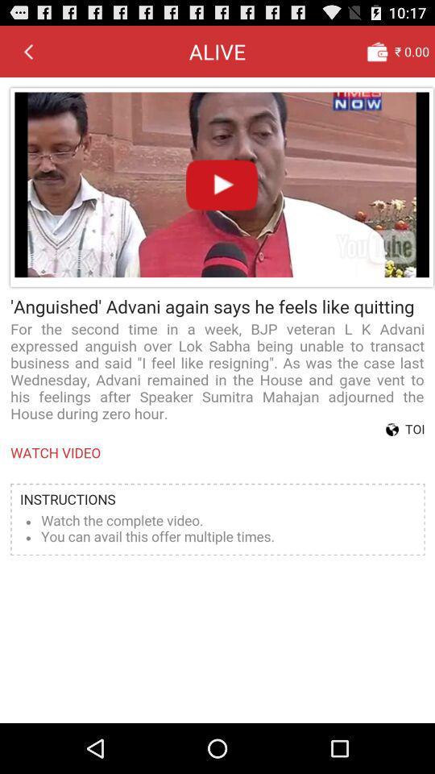 The image size is (435, 774). I want to click on the arrow_backward icon, so click(28, 55).